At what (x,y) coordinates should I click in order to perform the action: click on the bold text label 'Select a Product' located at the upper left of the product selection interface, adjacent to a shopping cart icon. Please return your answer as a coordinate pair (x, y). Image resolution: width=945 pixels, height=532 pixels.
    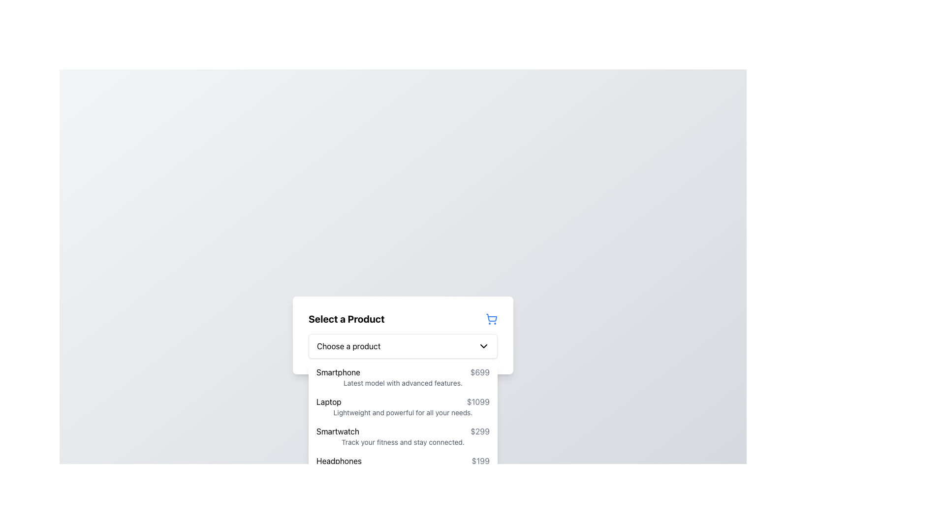
    Looking at the image, I should click on (346, 319).